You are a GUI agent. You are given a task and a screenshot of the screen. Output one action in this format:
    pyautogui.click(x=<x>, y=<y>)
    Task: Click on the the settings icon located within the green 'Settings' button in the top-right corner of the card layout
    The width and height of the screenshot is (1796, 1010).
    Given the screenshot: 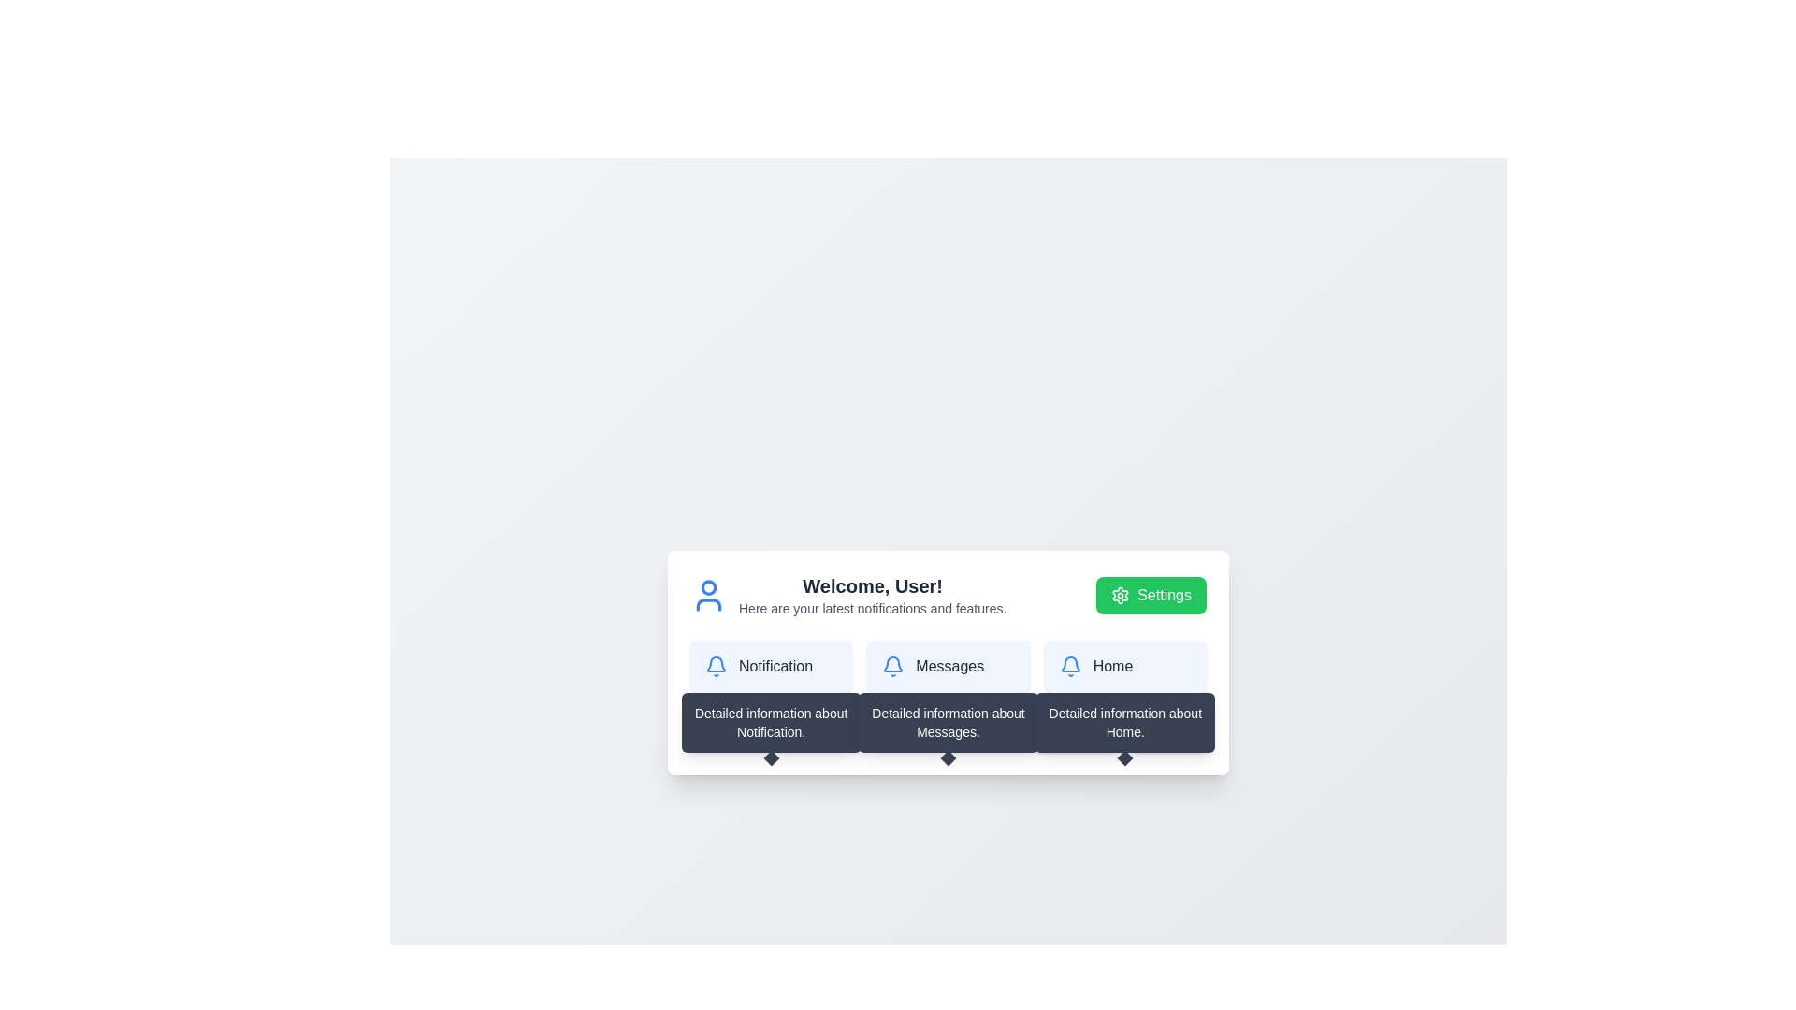 What is the action you would take?
    pyautogui.click(x=1121, y=595)
    